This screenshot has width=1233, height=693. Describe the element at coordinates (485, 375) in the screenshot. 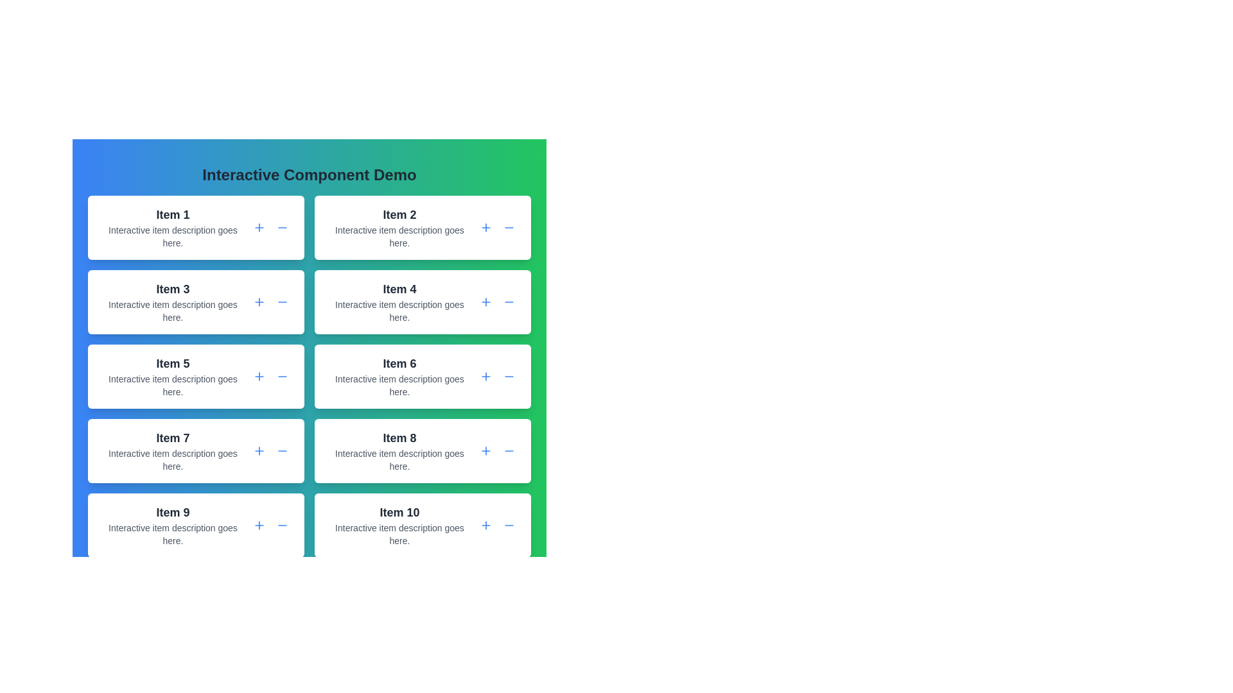

I see `the '+' icon button located beside the '-' icon in the 'Item 6' section to trigger tooltip or visual feedback` at that location.